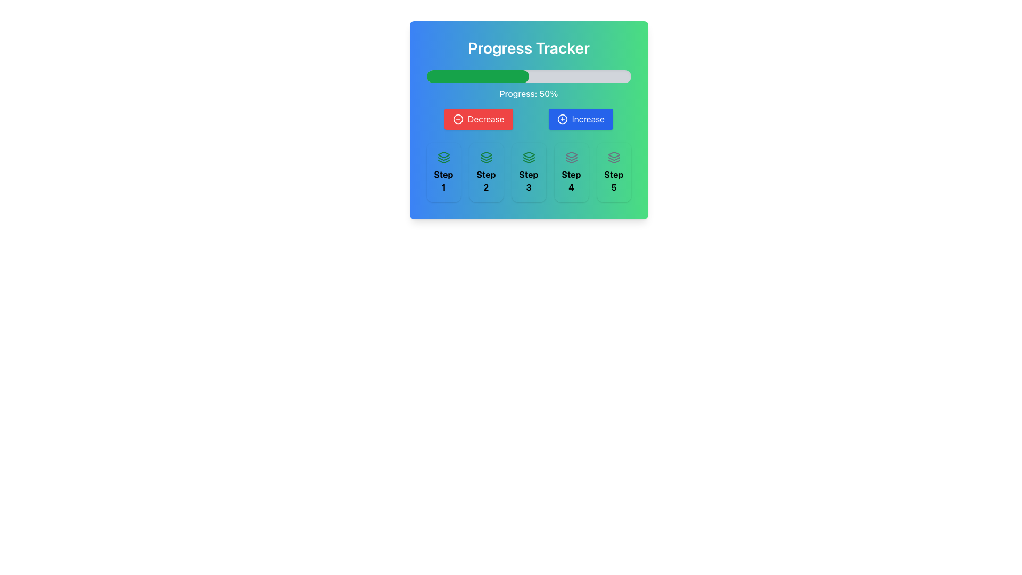 The width and height of the screenshot is (1022, 575). What do you see at coordinates (478, 119) in the screenshot?
I see `the leftmost button in the pair that decreases the progress level, located below the progress bar labeled 'Progress: 50%'` at bounding box center [478, 119].